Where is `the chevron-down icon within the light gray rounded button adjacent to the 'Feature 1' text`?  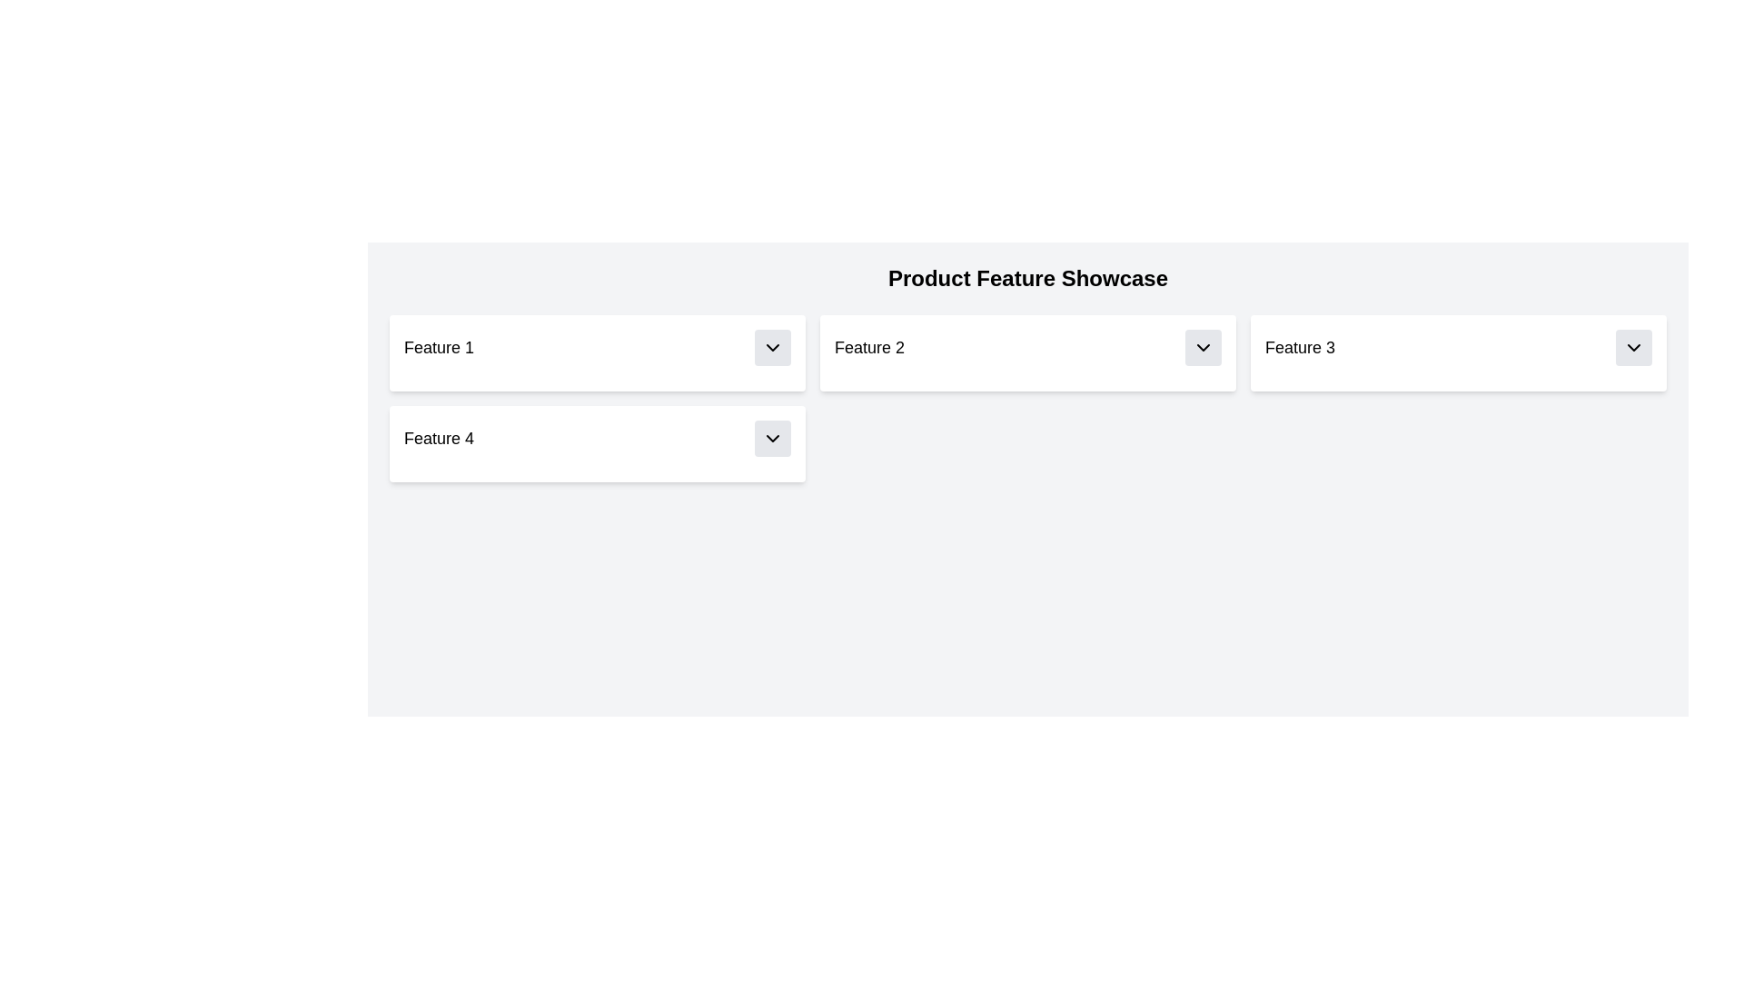
the chevron-down icon within the light gray rounded button adjacent to the 'Feature 1' text is located at coordinates (772, 347).